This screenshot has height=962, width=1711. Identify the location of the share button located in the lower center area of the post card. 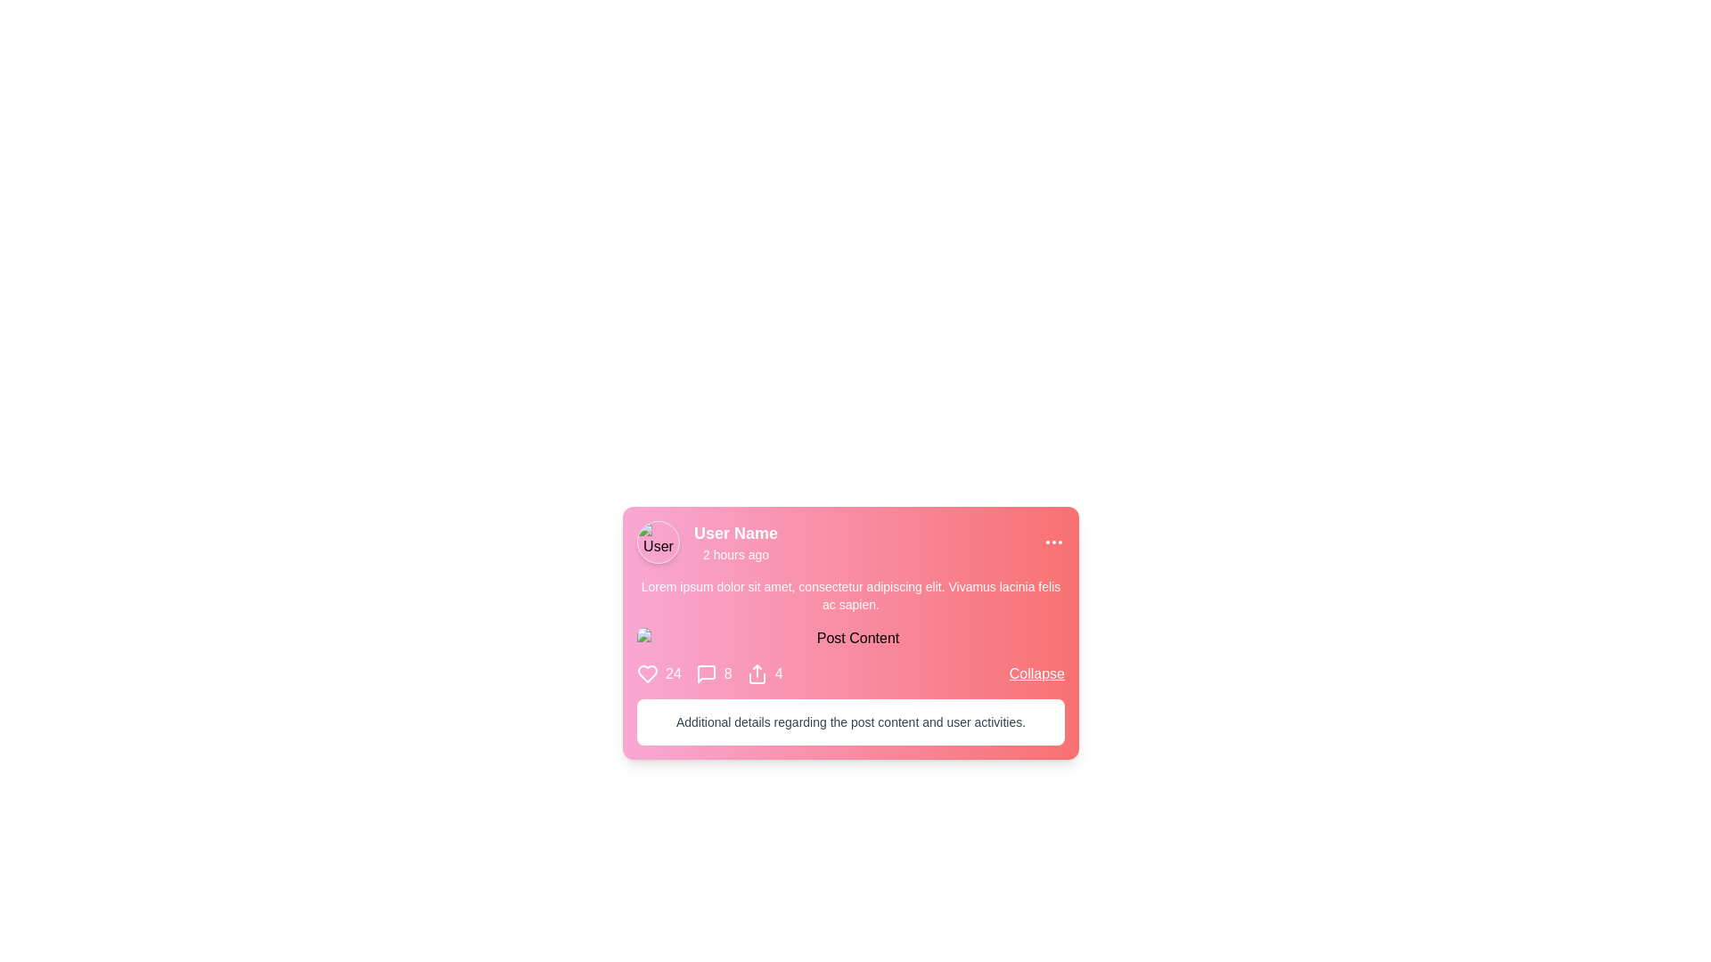
(757, 673).